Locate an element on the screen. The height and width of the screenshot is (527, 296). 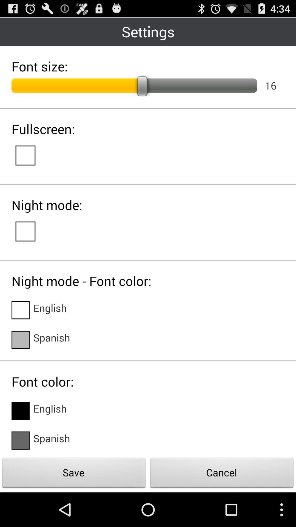
the item next to the cancel is located at coordinates (74, 474).